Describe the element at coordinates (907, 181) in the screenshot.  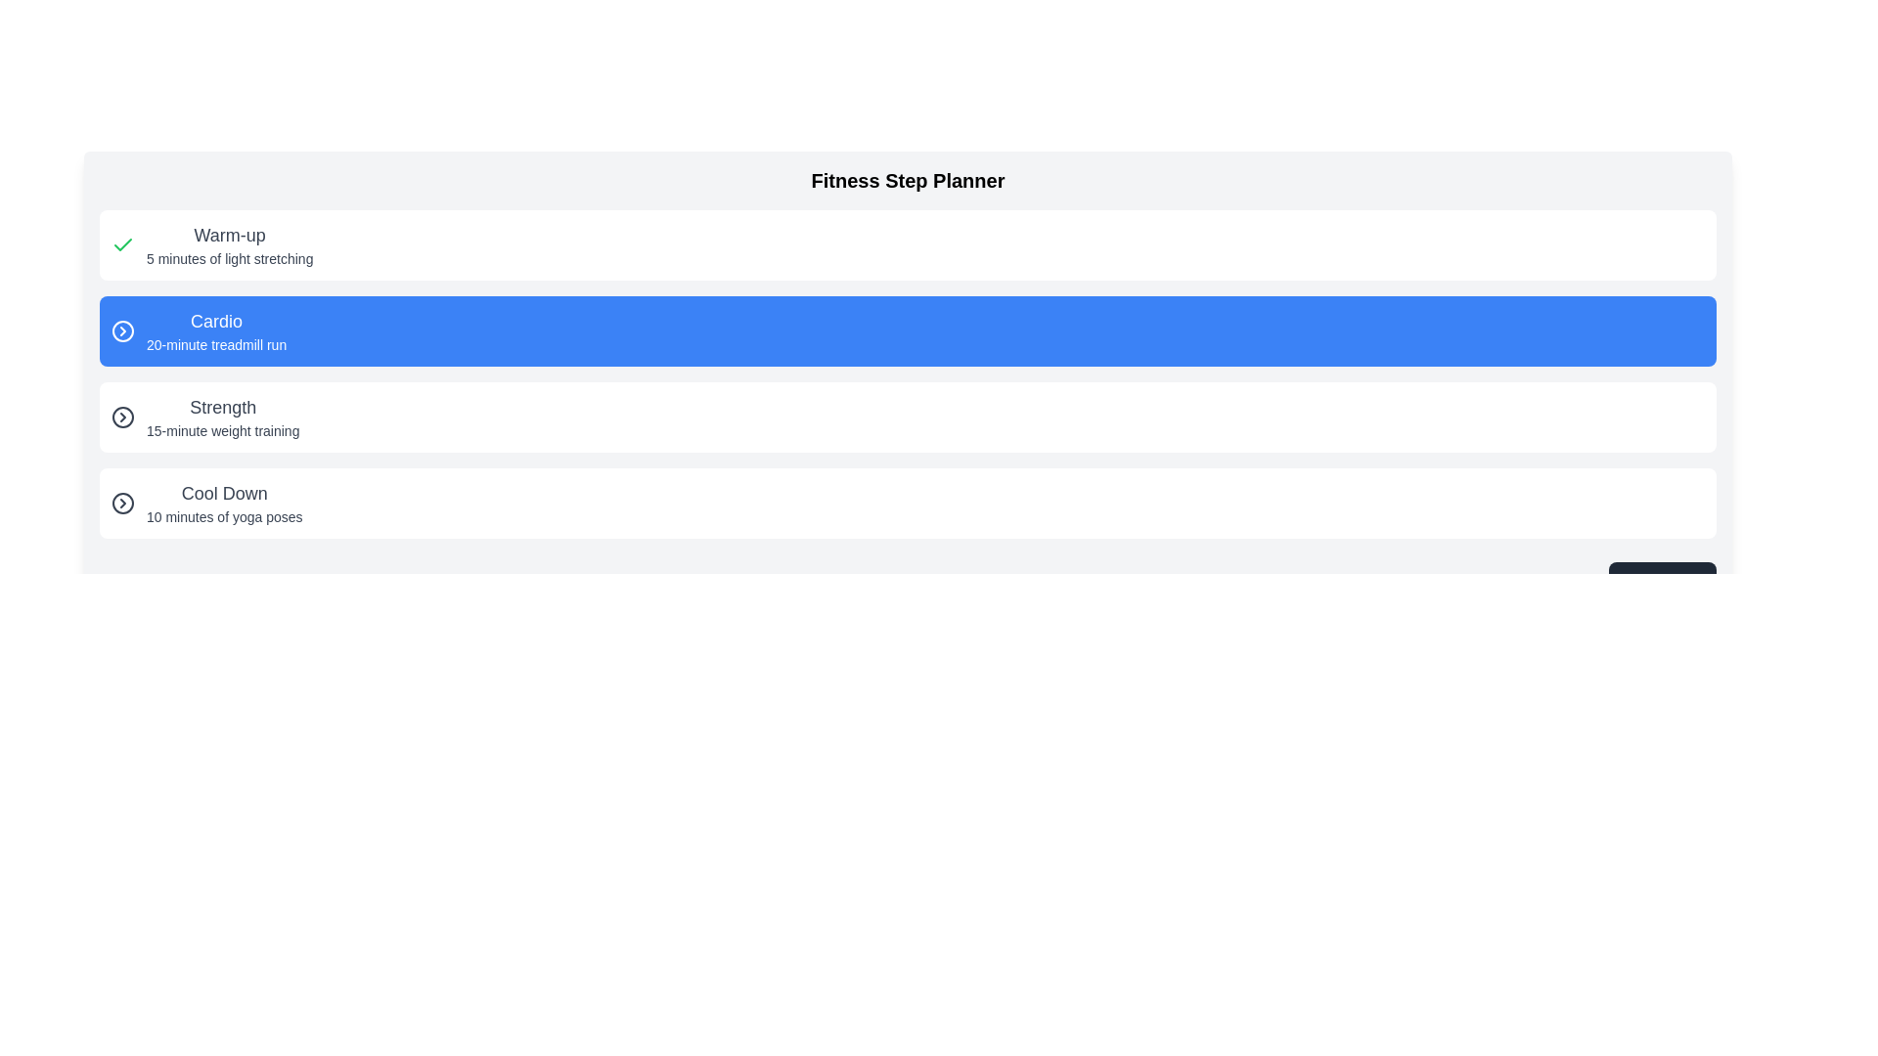
I see `the title text labeled 'Fitness Step Planner', which is a bold, large font header located at the top of a light gray background, above the sections 'Warm-up', 'Cardio', 'Strength', and 'Cool Down'` at that location.